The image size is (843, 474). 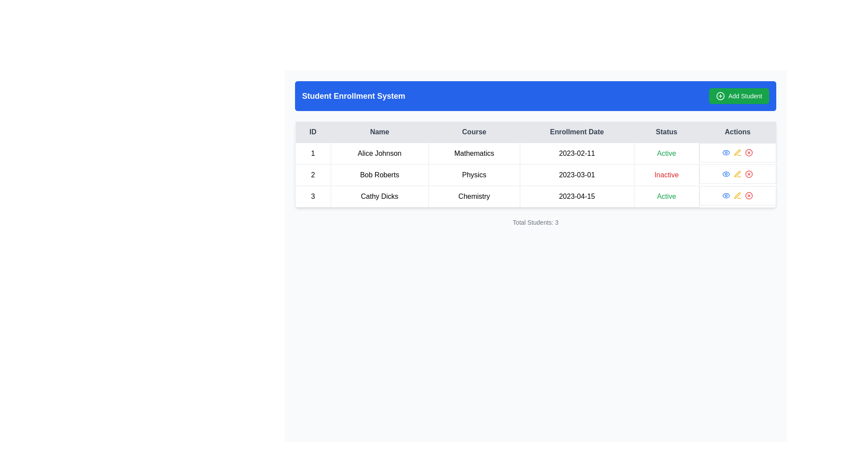 I want to click on the table cell displaying the unique identifier in the first row under the 'ID' column, so click(x=313, y=153).